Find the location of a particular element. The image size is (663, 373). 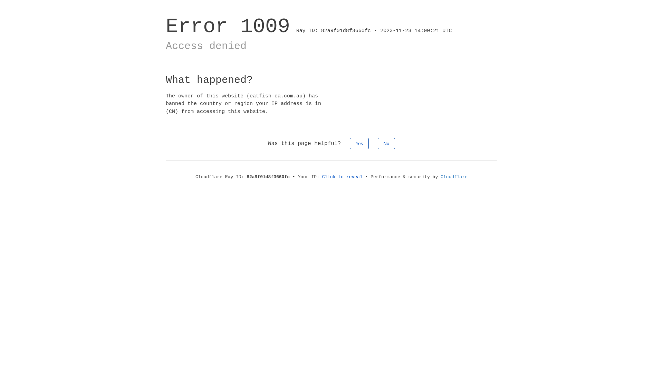

'Click to reveal' is located at coordinates (342, 176).